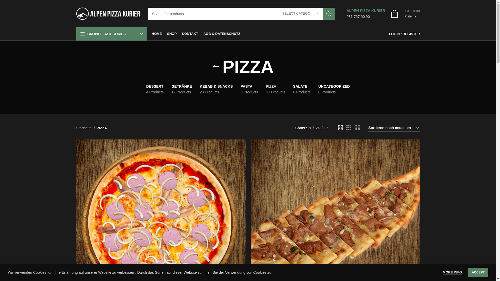 Image resolution: width=500 pixels, height=281 pixels. What do you see at coordinates (310, 128) in the screenshot?
I see `'9'` at bounding box center [310, 128].